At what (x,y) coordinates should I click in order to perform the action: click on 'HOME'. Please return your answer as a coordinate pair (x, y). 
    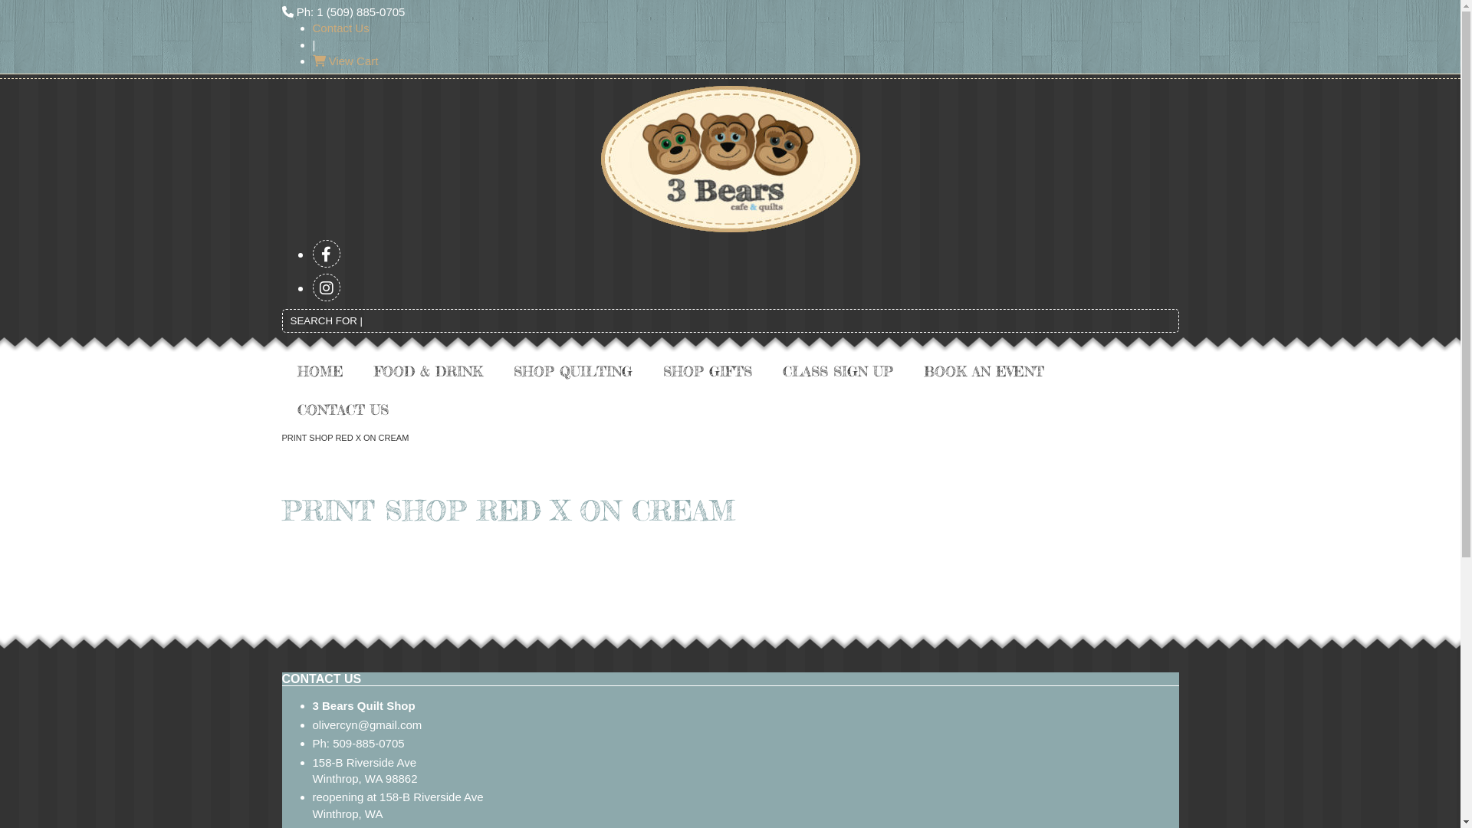
    Looking at the image, I should click on (319, 370).